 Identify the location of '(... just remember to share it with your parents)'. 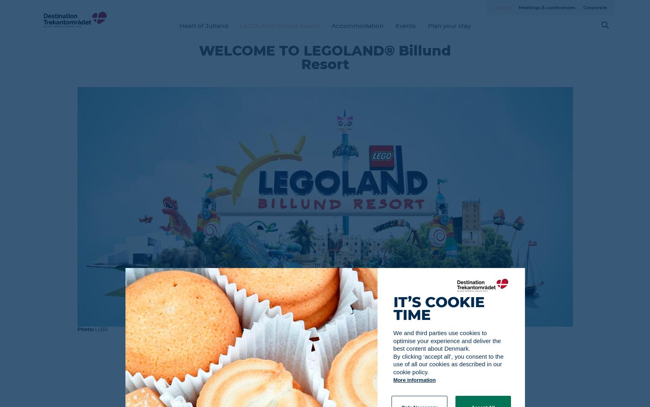
(324, 391).